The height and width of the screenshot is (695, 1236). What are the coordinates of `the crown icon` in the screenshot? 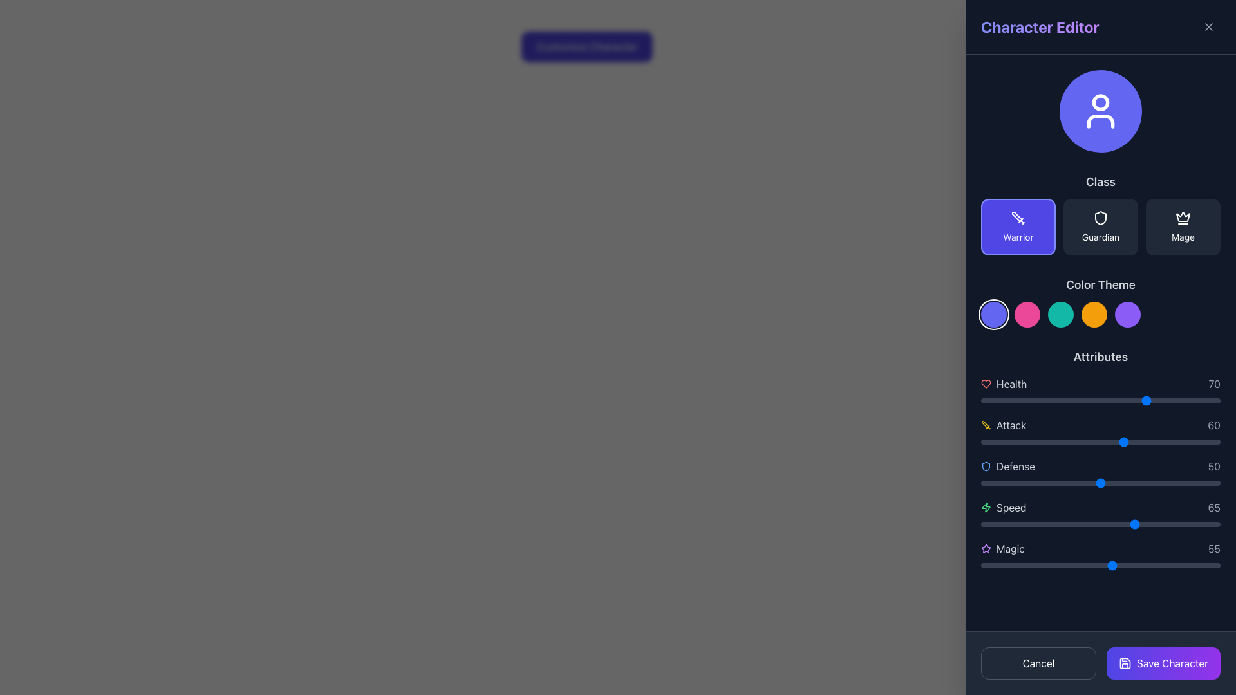 It's located at (1183, 218).